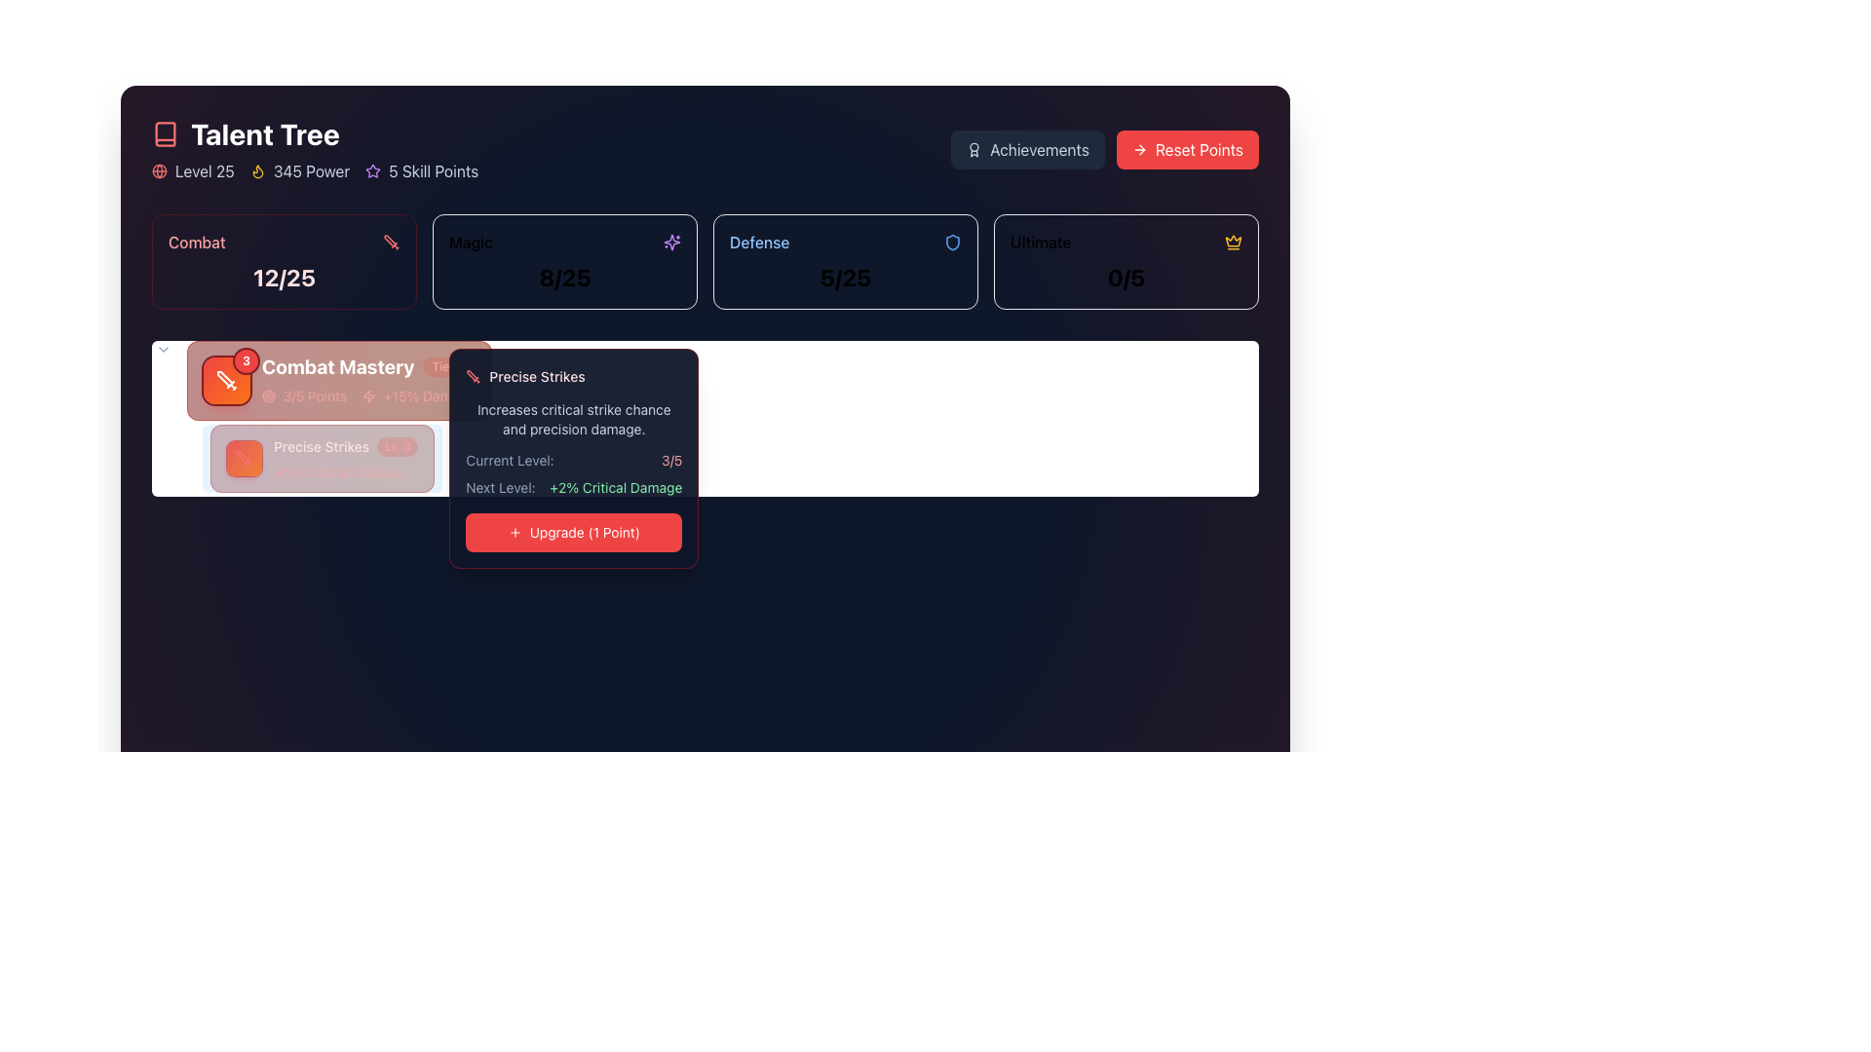  I want to click on the 'Featured' tab in the Tab navigation bar, so click(969, 153).